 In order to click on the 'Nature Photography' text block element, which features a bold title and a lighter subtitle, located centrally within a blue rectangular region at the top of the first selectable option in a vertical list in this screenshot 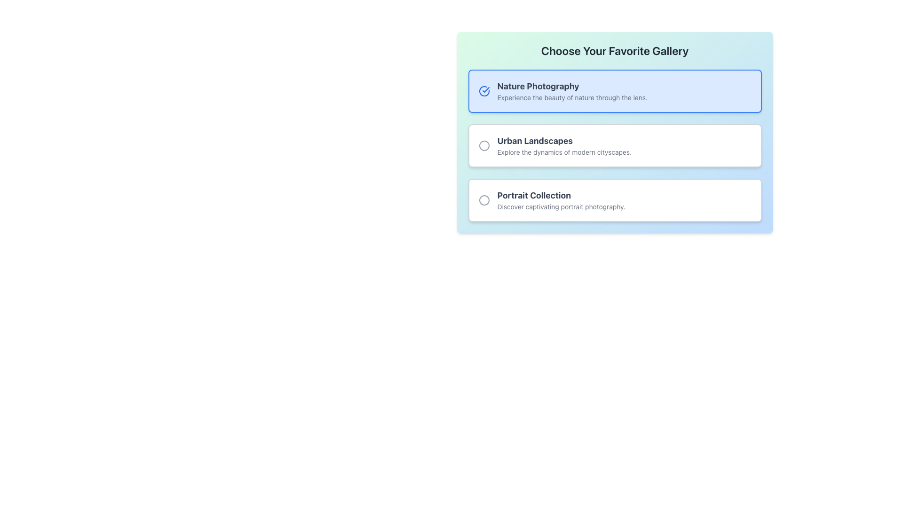, I will do `click(572, 91)`.